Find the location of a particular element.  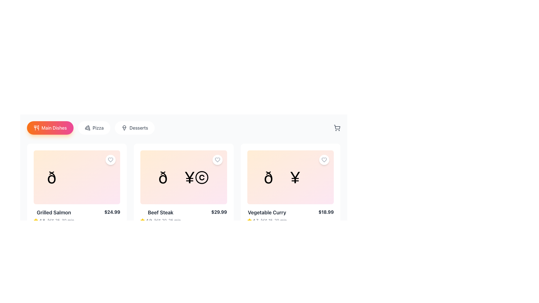

the rating star icon representing a user rating for 'Grilled Salmon', located to the left of the rating text '4.8' is located at coordinates (36, 220).